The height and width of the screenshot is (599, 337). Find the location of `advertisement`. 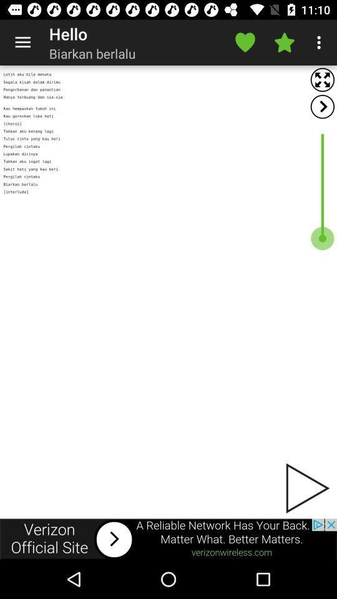

advertisement is located at coordinates (168, 292).